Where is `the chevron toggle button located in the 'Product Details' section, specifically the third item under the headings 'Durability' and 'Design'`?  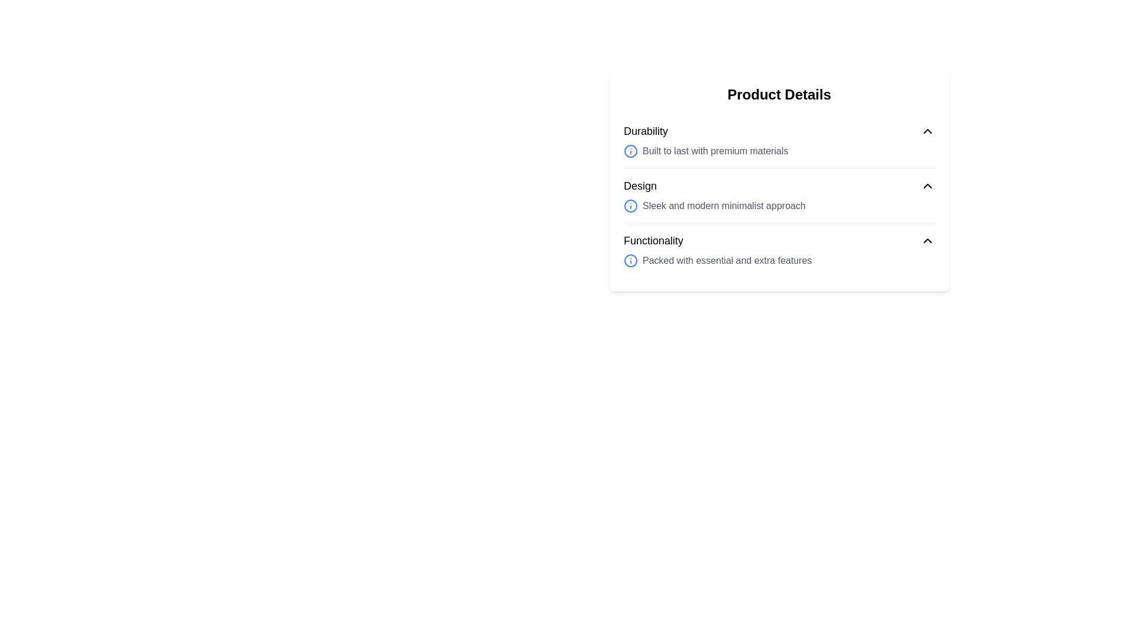
the chevron toggle button located in the 'Product Details' section, specifically the third item under the headings 'Durability' and 'Design' is located at coordinates (779, 240).